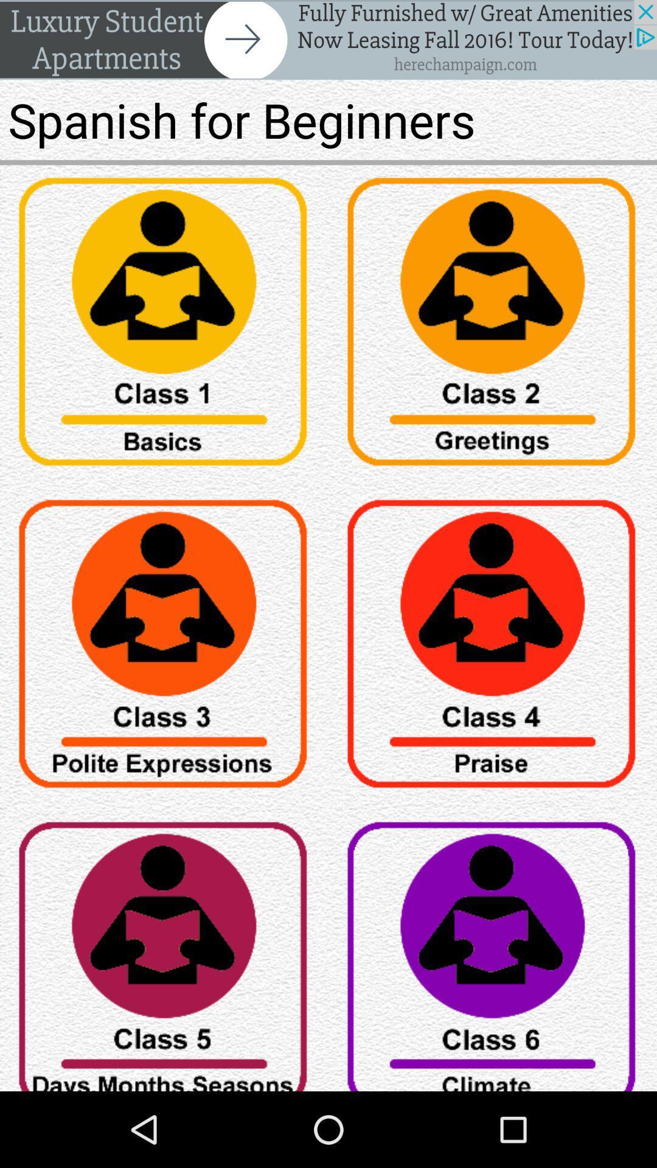 The height and width of the screenshot is (1168, 657). What do you see at coordinates (164, 647) in the screenshot?
I see `button option` at bounding box center [164, 647].